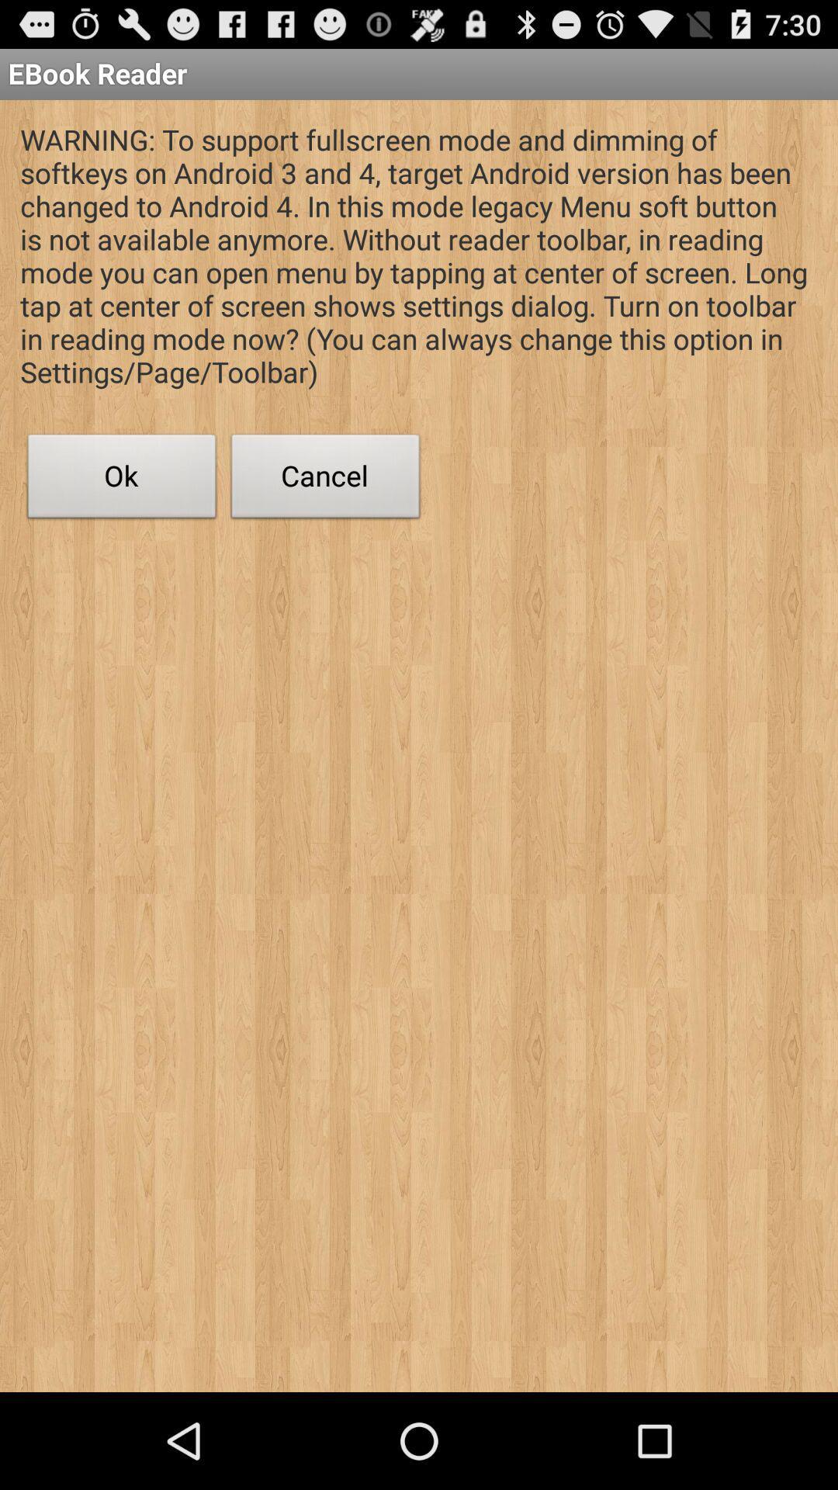  I want to click on item below warning to support, so click(325, 480).